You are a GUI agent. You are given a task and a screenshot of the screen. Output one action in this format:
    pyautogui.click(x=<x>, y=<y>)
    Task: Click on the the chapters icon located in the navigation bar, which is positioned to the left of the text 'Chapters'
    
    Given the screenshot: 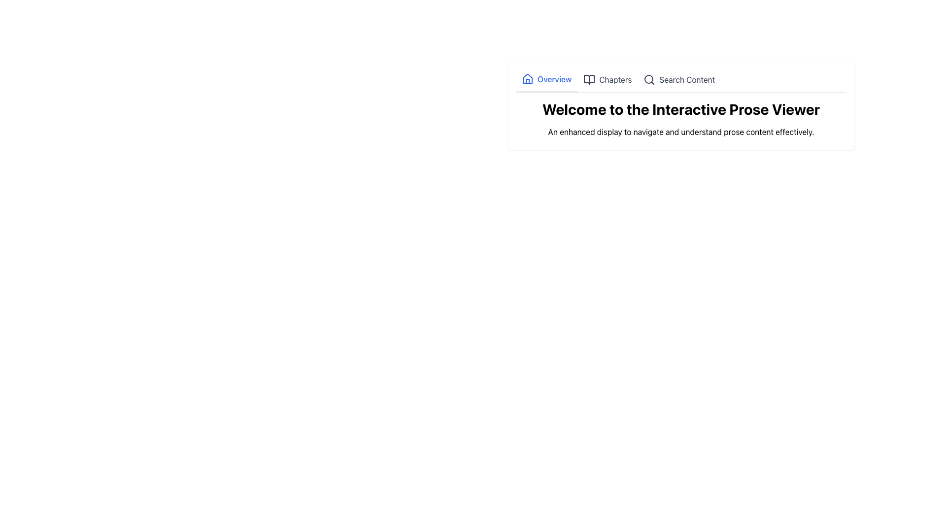 What is the action you would take?
    pyautogui.click(x=589, y=79)
    